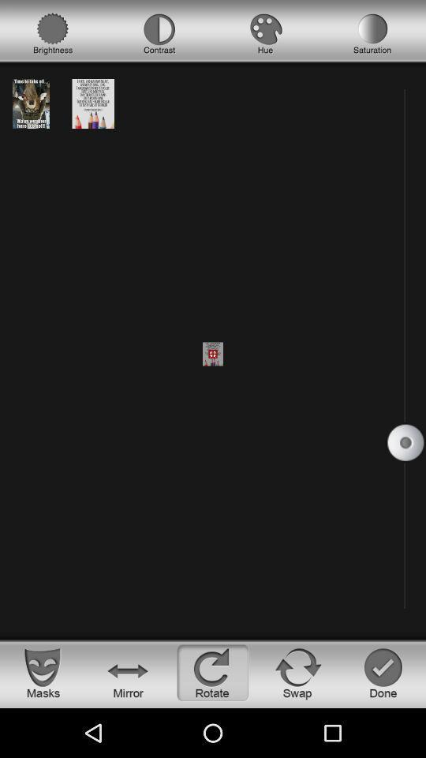 Image resolution: width=426 pixels, height=758 pixels. I want to click on see the masks, so click(43, 672).